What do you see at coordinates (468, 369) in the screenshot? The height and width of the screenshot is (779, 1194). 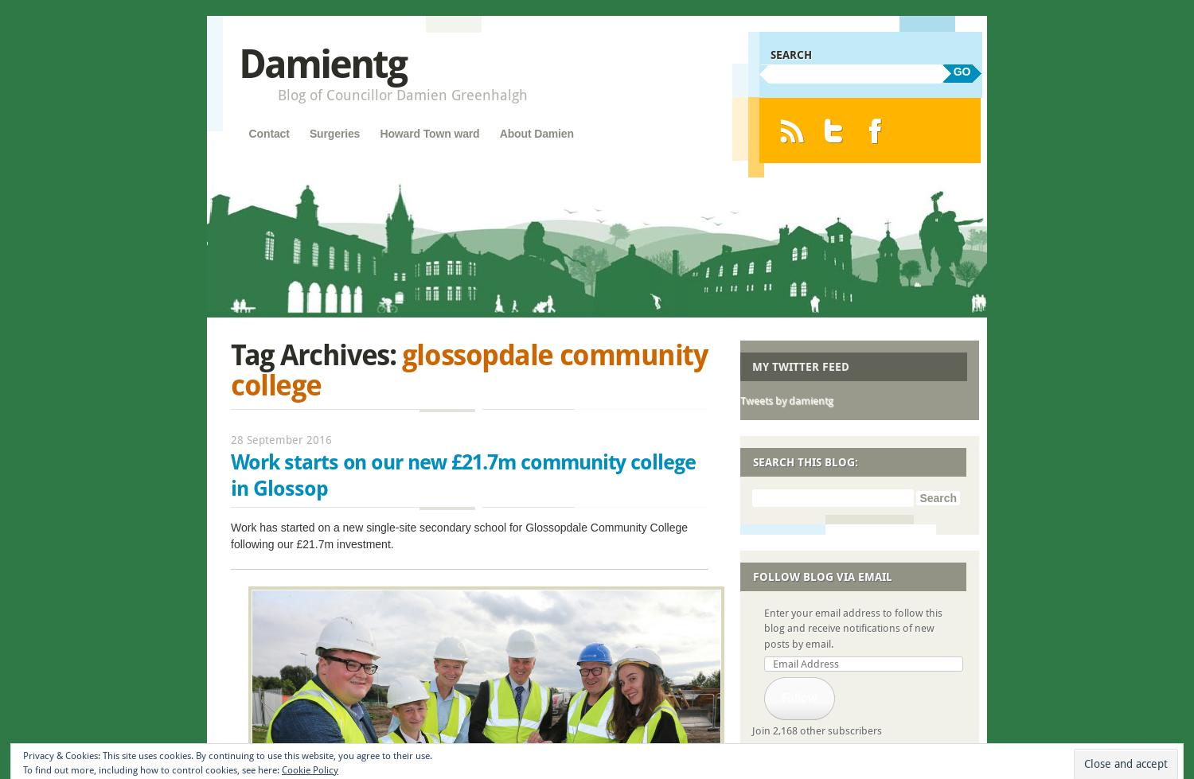 I see `'glossopdale community college'` at bounding box center [468, 369].